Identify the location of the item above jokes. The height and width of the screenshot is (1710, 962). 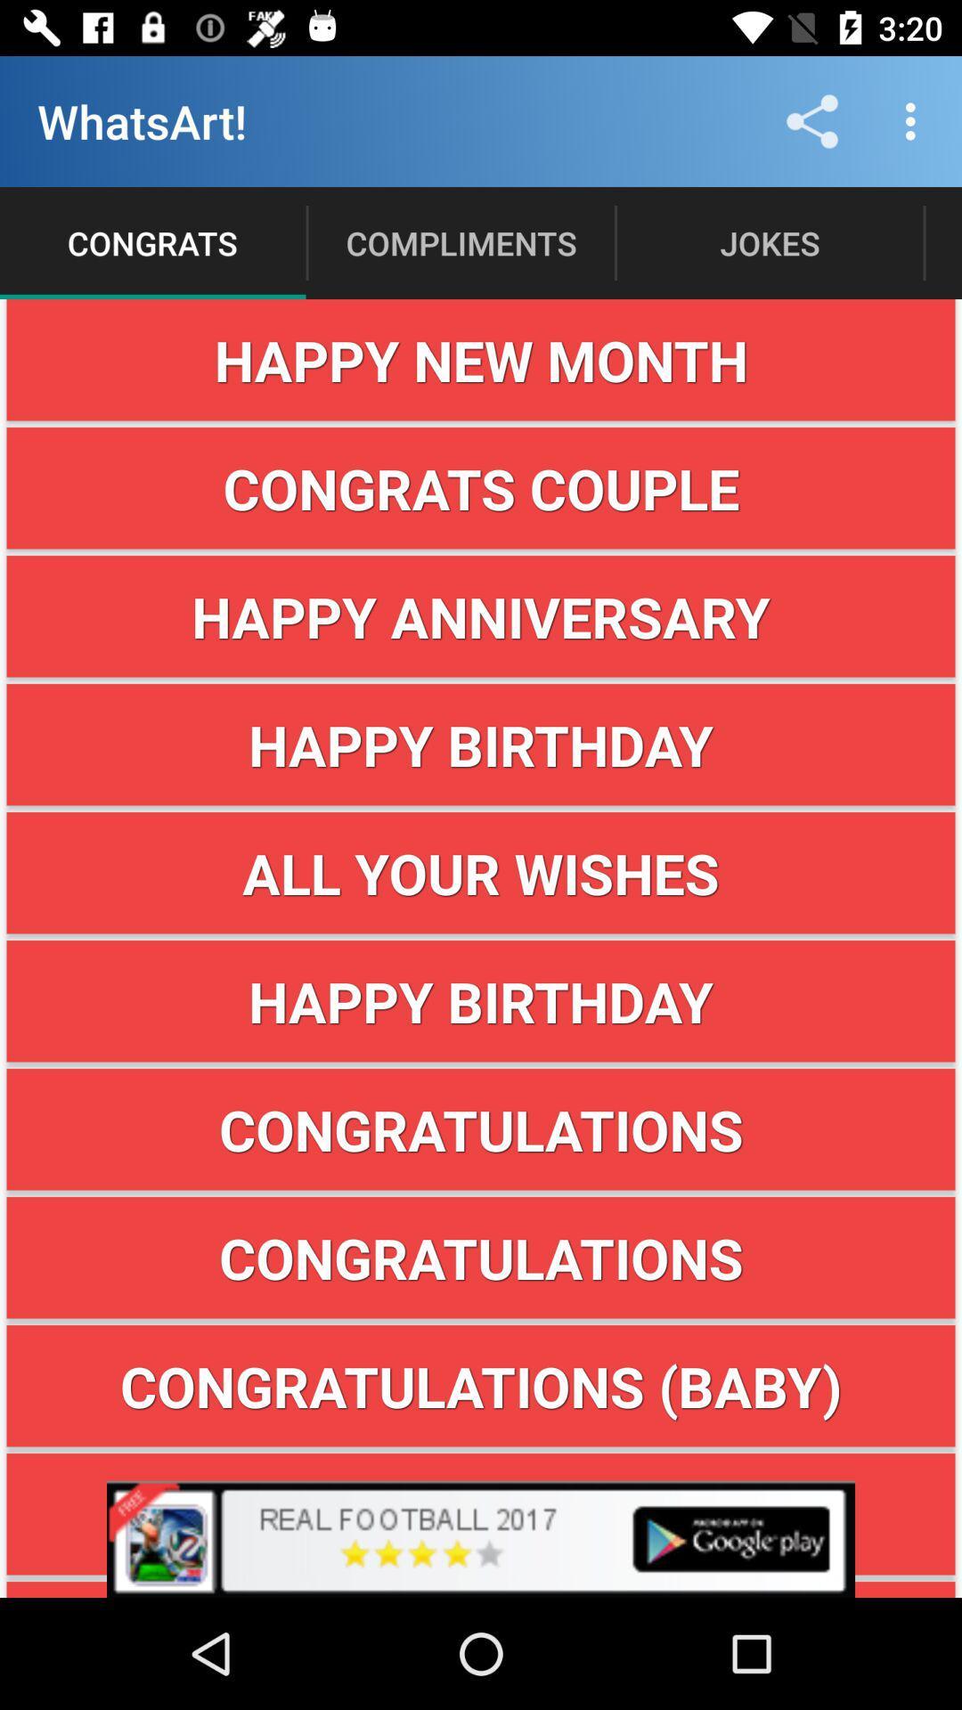
(811, 120).